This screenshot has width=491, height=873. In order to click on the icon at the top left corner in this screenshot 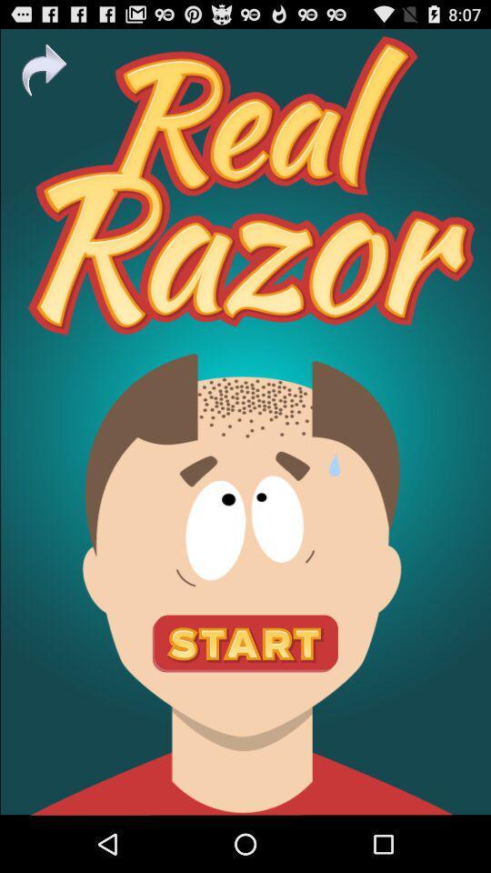, I will do `click(44, 70)`.